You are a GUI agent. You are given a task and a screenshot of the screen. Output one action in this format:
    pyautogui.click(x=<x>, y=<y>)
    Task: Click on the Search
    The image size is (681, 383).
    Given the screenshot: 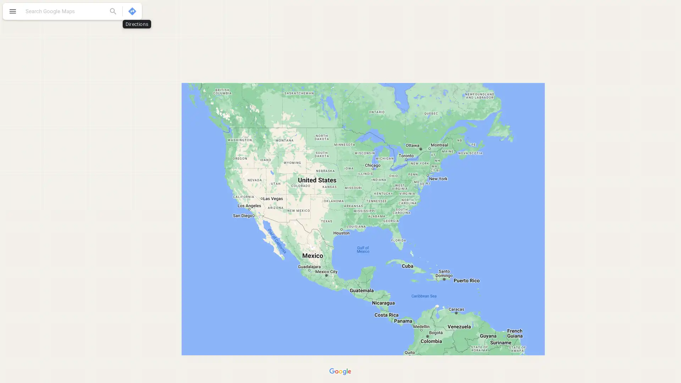 What is the action you would take?
    pyautogui.click(x=112, y=11)
    